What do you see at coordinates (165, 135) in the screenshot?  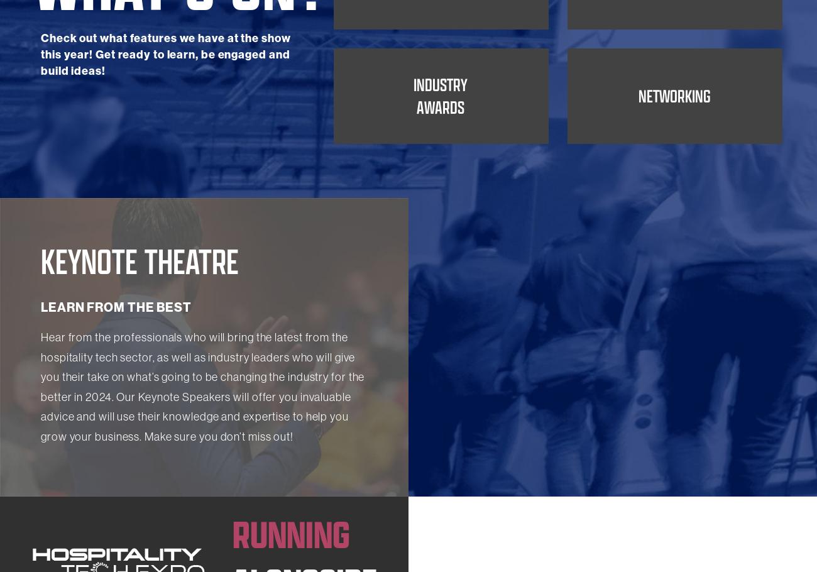 I see `'Check out what features we have at the show this year! Get ready to learn, be engaged and build ideas!'` at bounding box center [165, 135].